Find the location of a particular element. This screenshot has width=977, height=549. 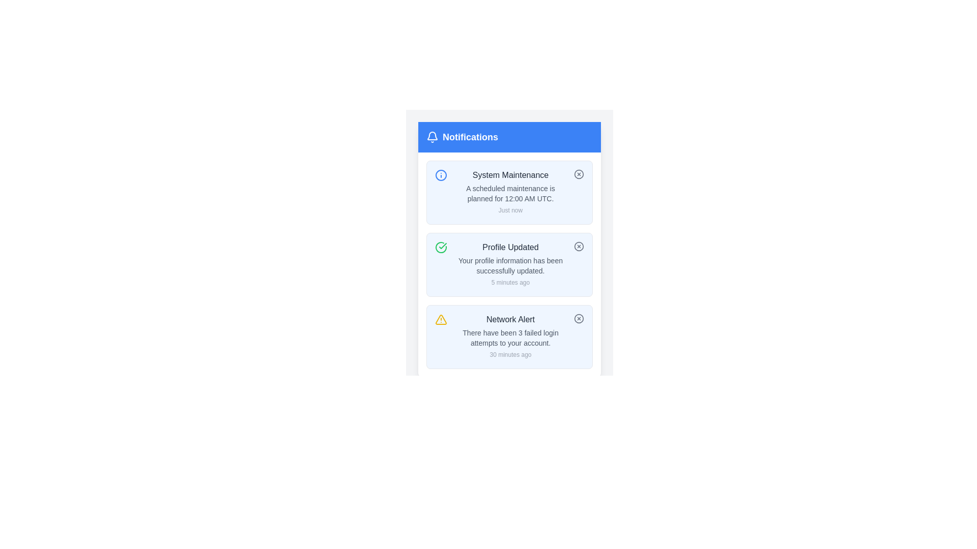

the TextLabel that indicates the timestamp of the notification within the 'System Maintenance' card, located below the main content text and aligned to the right side is located at coordinates (510, 209).